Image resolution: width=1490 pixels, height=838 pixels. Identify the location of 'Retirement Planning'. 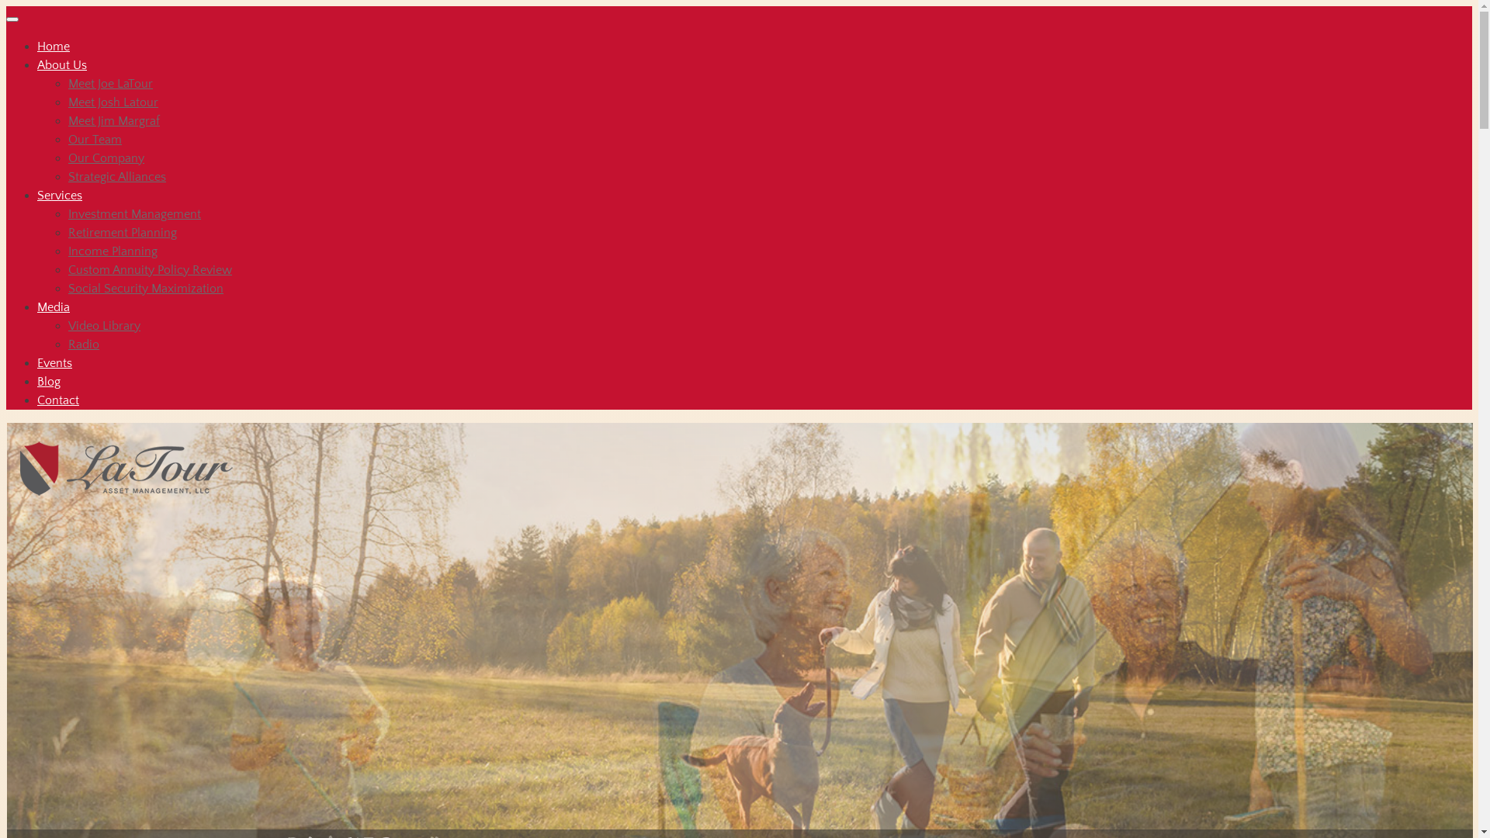
(122, 233).